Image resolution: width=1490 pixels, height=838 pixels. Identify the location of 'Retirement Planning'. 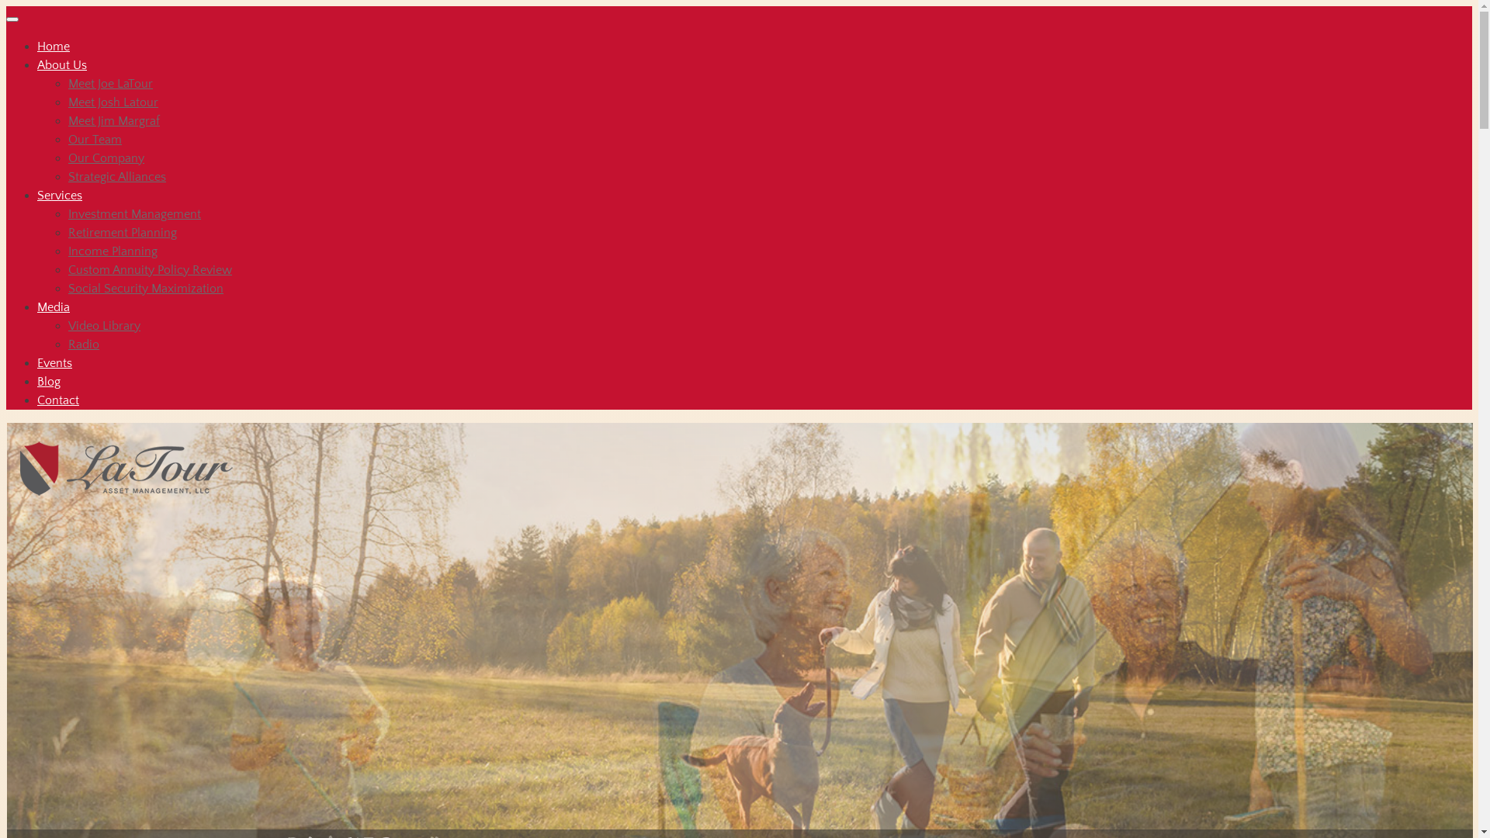
(122, 233).